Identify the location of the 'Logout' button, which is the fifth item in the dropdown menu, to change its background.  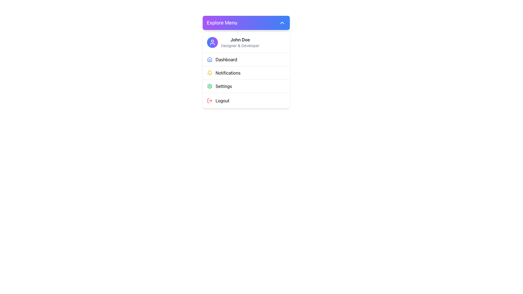
(246, 100).